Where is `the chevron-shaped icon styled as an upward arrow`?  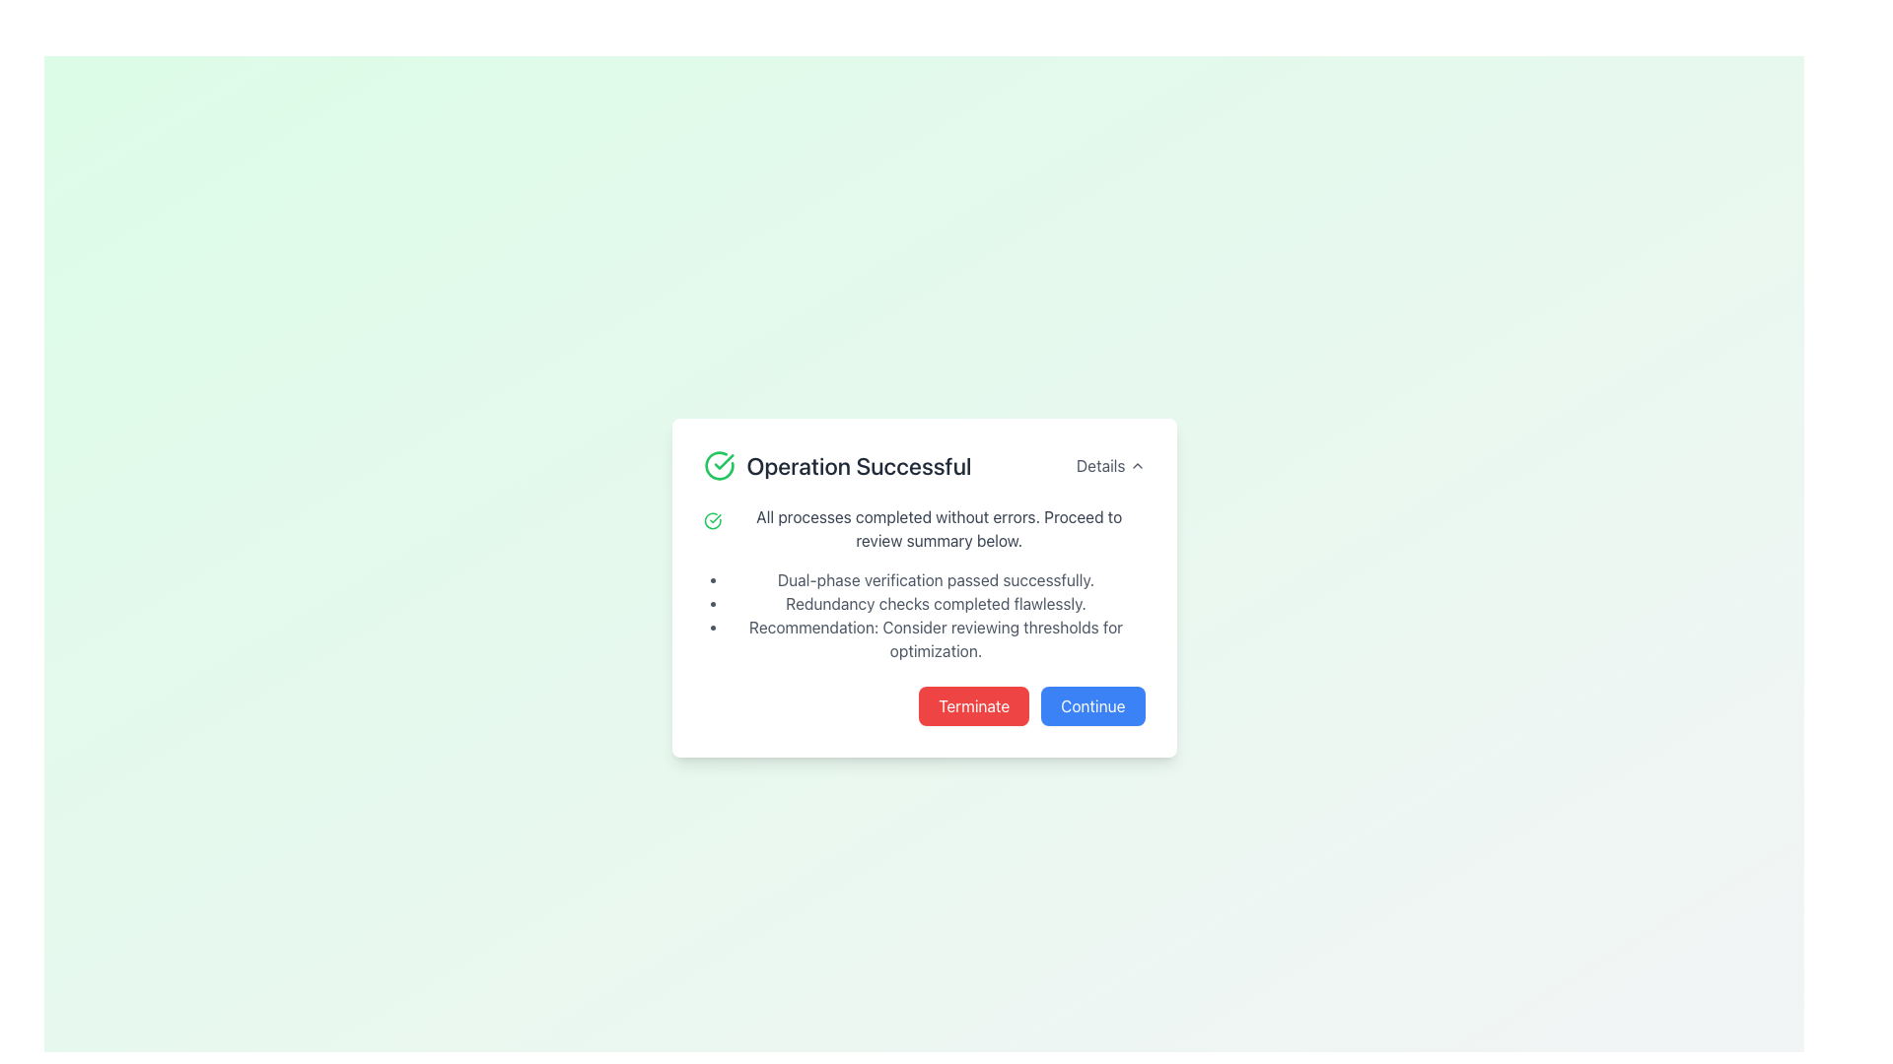 the chevron-shaped icon styled as an upward arrow is located at coordinates (1137, 466).